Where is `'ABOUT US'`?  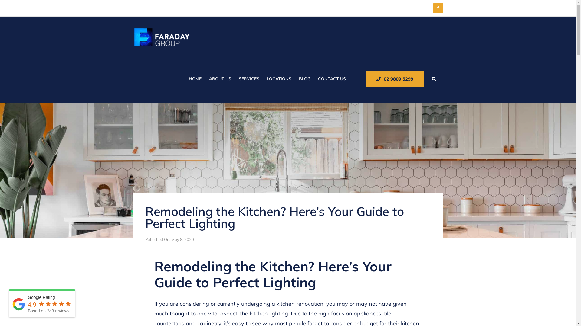 'ABOUT US' is located at coordinates (209, 78).